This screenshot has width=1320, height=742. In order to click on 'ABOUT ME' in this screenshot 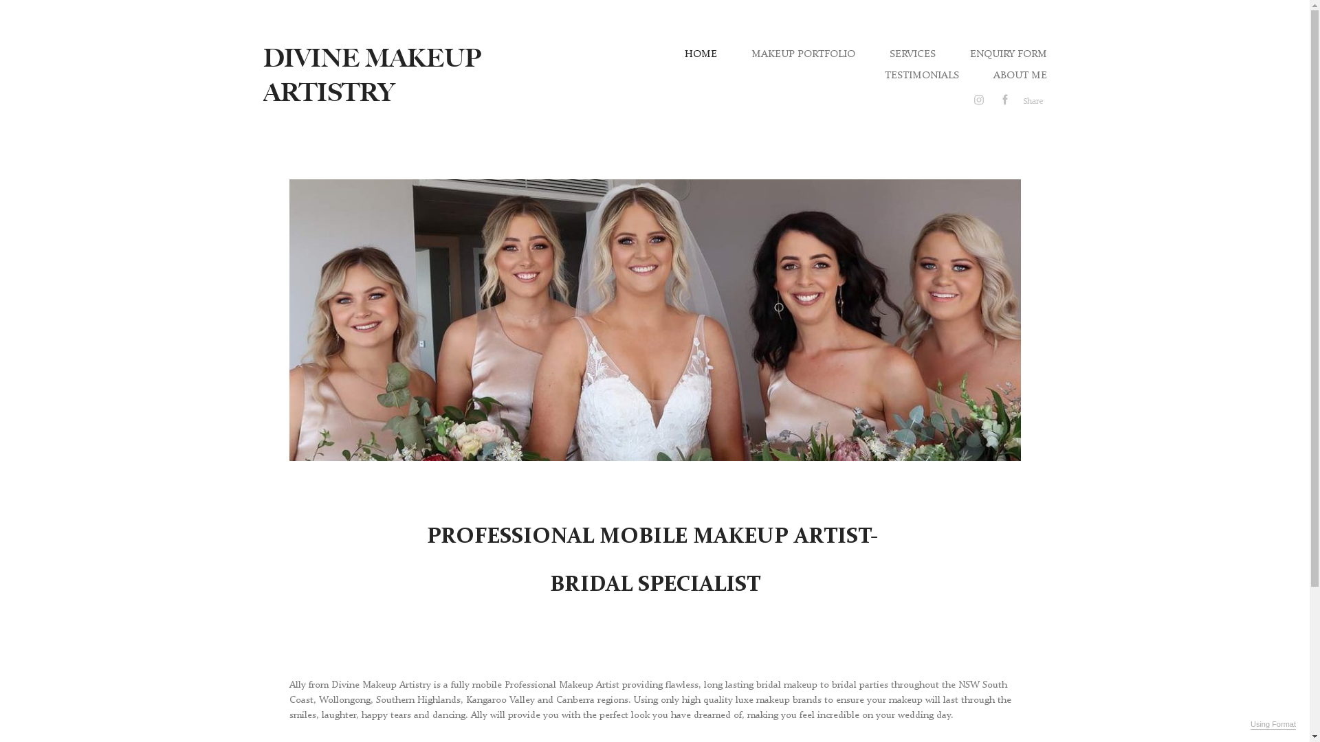, I will do `click(1020, 74)`.